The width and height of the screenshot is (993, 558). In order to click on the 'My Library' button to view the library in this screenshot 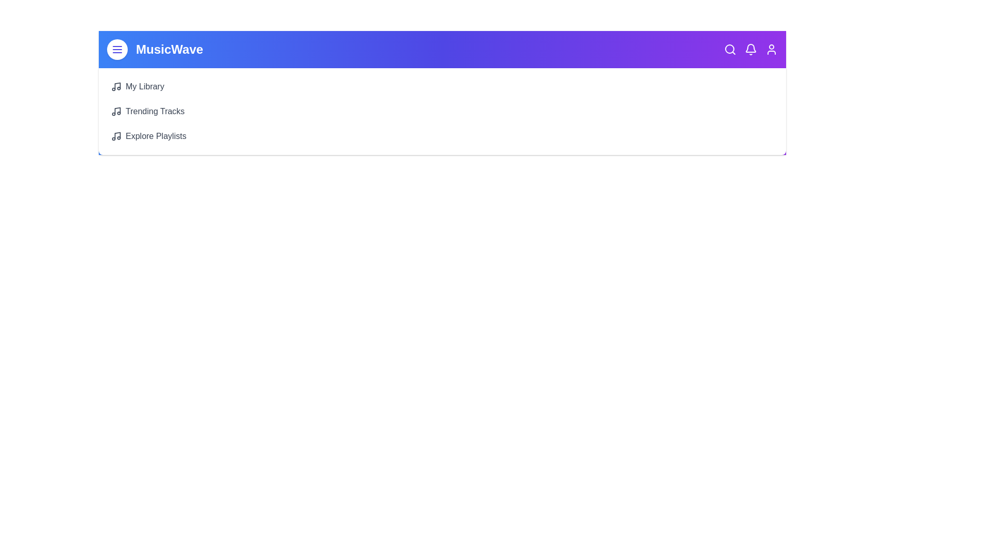, I will do `click(137, 86)`.